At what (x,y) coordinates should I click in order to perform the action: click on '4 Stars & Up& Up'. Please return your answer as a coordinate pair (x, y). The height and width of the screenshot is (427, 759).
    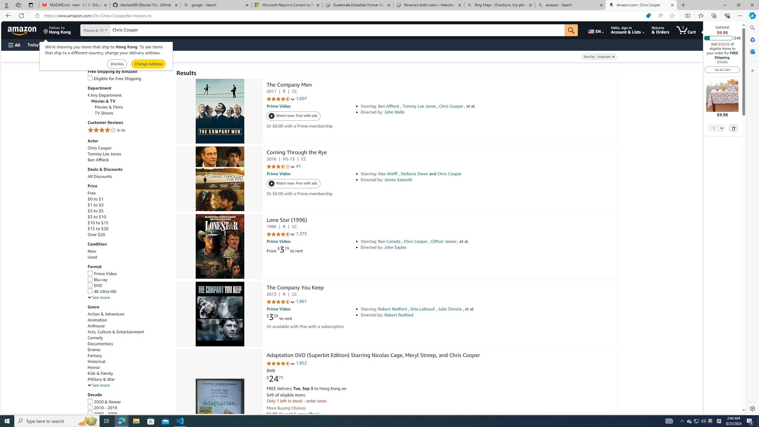
    Looking at the image, I should click on (129, 130).